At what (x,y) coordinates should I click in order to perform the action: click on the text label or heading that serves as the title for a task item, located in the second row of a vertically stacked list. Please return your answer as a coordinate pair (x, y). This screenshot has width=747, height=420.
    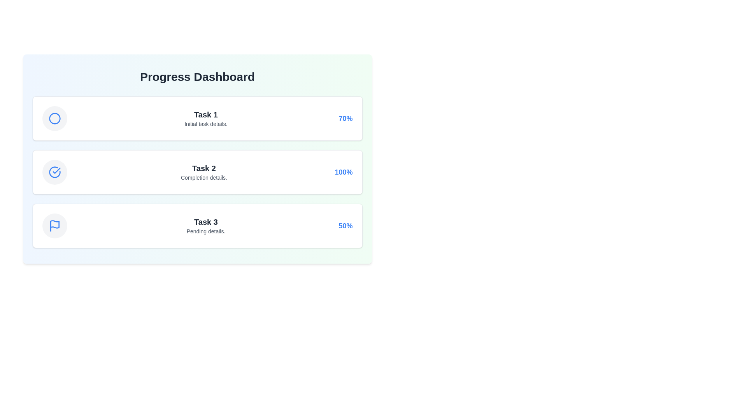
    Looking at the image, I should click on (204, 168).